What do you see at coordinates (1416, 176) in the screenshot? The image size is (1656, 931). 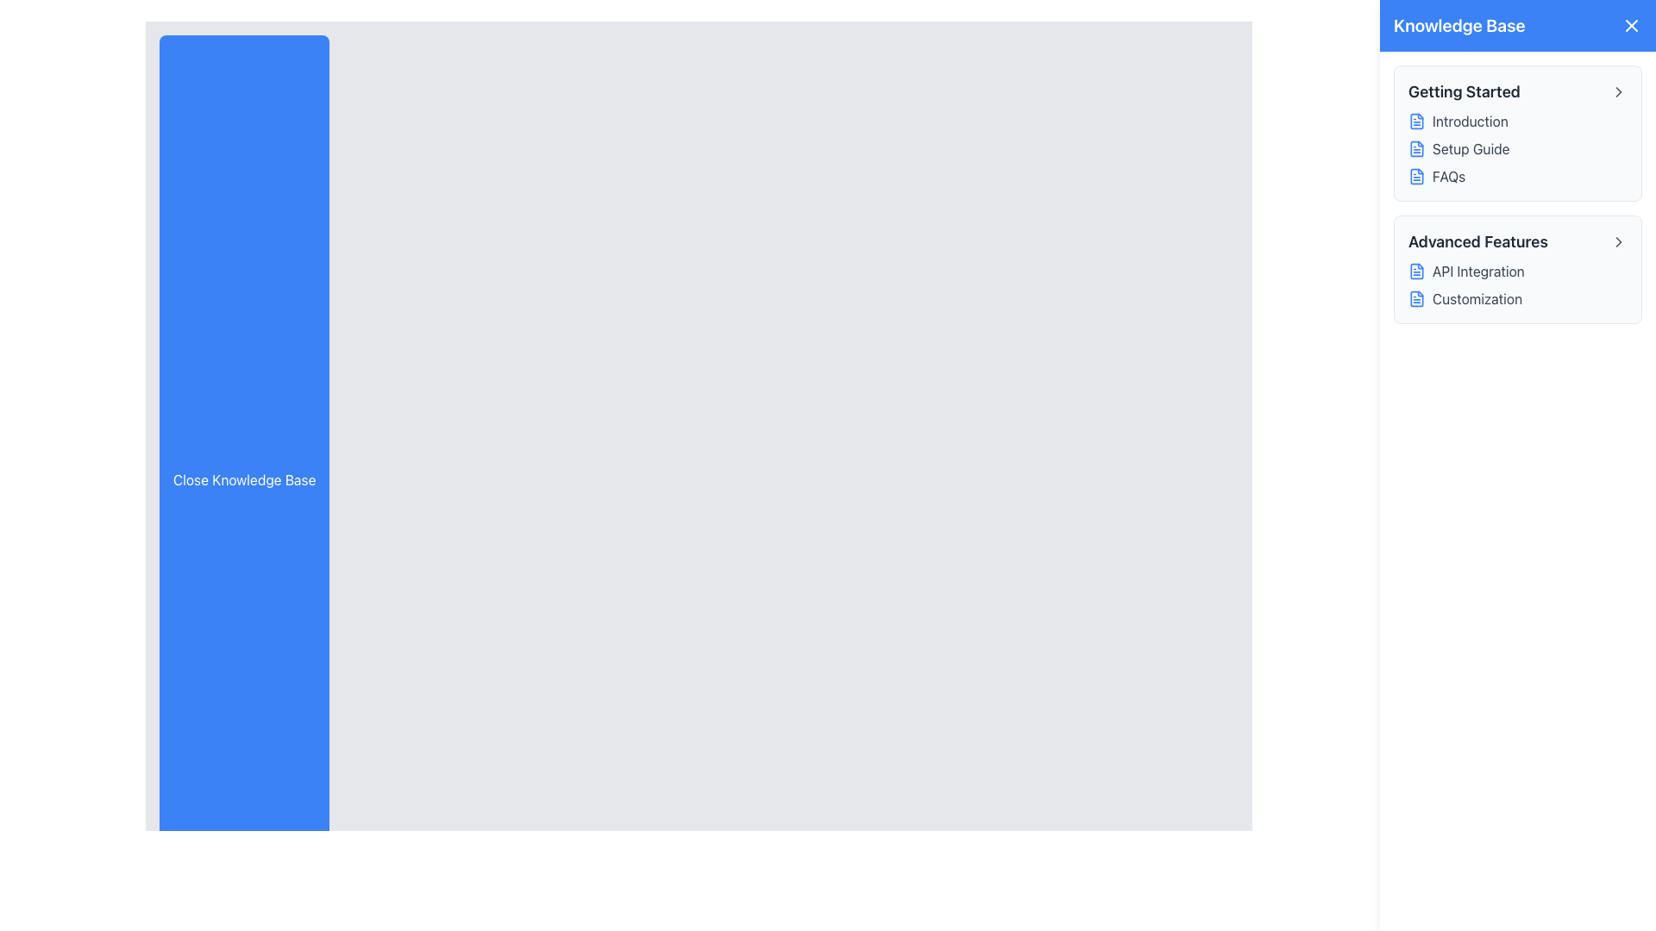 I see `the FAQs icon in the Getting Started section` at bounding box center [1416, 176].